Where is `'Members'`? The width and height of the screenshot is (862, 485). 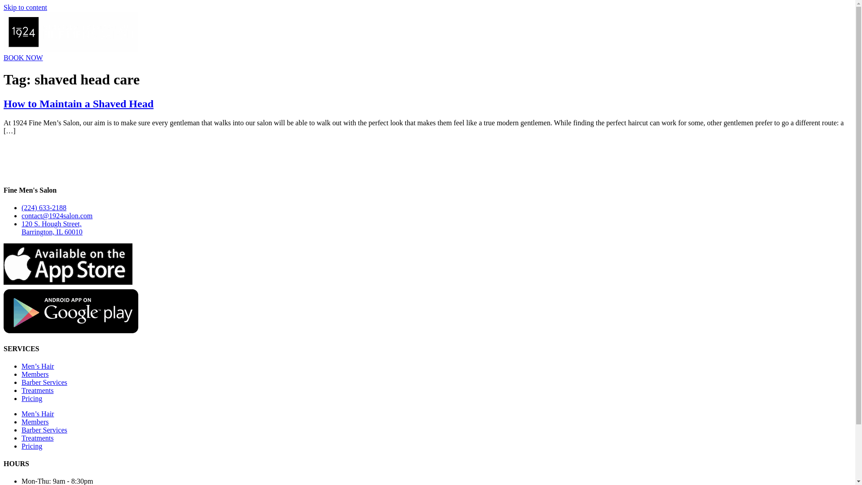
'Members' is located at coordinates (35, 422).